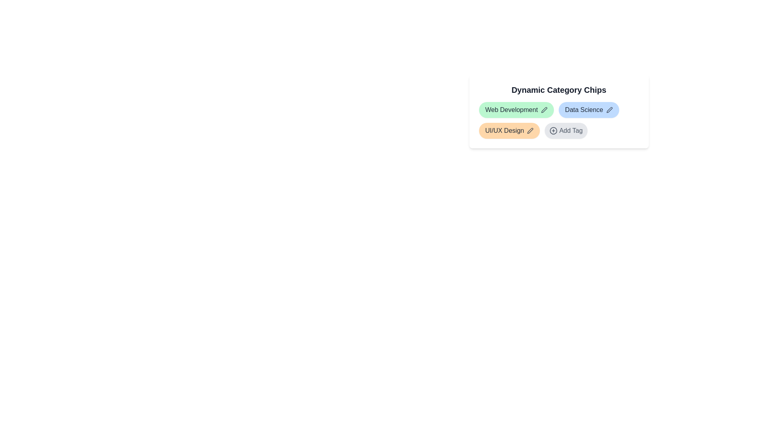 The image size is (769, 432). What do you see at coordinates (509, 130) in the screenshot?
I see `the tag chip labeled UI/UX Design to select or interact with it` at bounding box center [509, 130].